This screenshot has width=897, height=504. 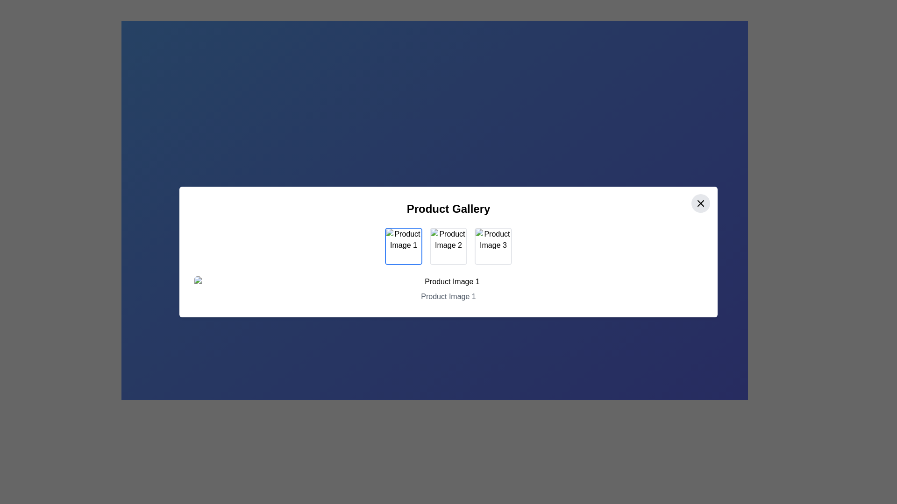 I want to click on the closing icon located at the top-right corner of the dialog box, so click(x=700, y=203).